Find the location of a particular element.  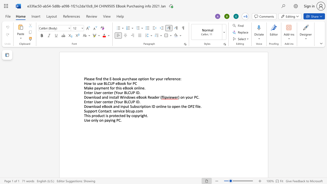

the 1th character "(" in the text is located at coordinates (114, 93).